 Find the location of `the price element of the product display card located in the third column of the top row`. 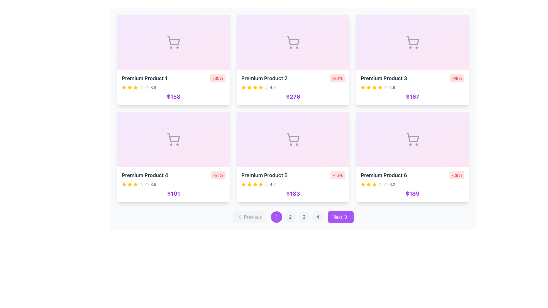

the price element of the product display card located in the third column of the top row is located at coordinates (412, 60).